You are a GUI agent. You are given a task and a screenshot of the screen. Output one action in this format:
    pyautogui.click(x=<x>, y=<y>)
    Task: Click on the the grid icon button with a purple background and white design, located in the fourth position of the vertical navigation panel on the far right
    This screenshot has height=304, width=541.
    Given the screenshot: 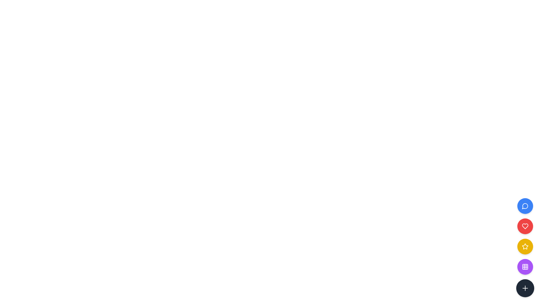 What is the action you would take?
    pyautogui.click(x=525, y=267)
    